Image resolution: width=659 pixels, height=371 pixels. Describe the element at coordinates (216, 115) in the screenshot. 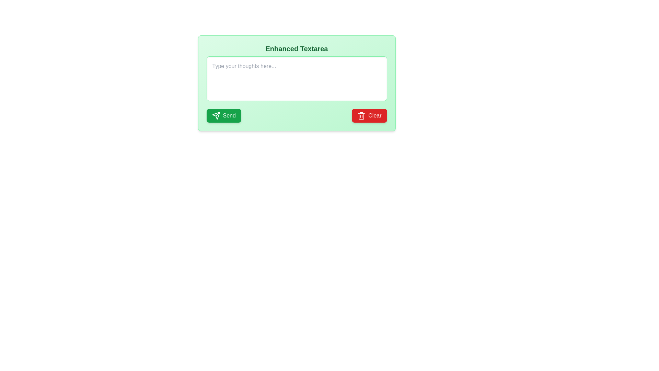

I see `the 'Send' button's SVG icon` at that location.